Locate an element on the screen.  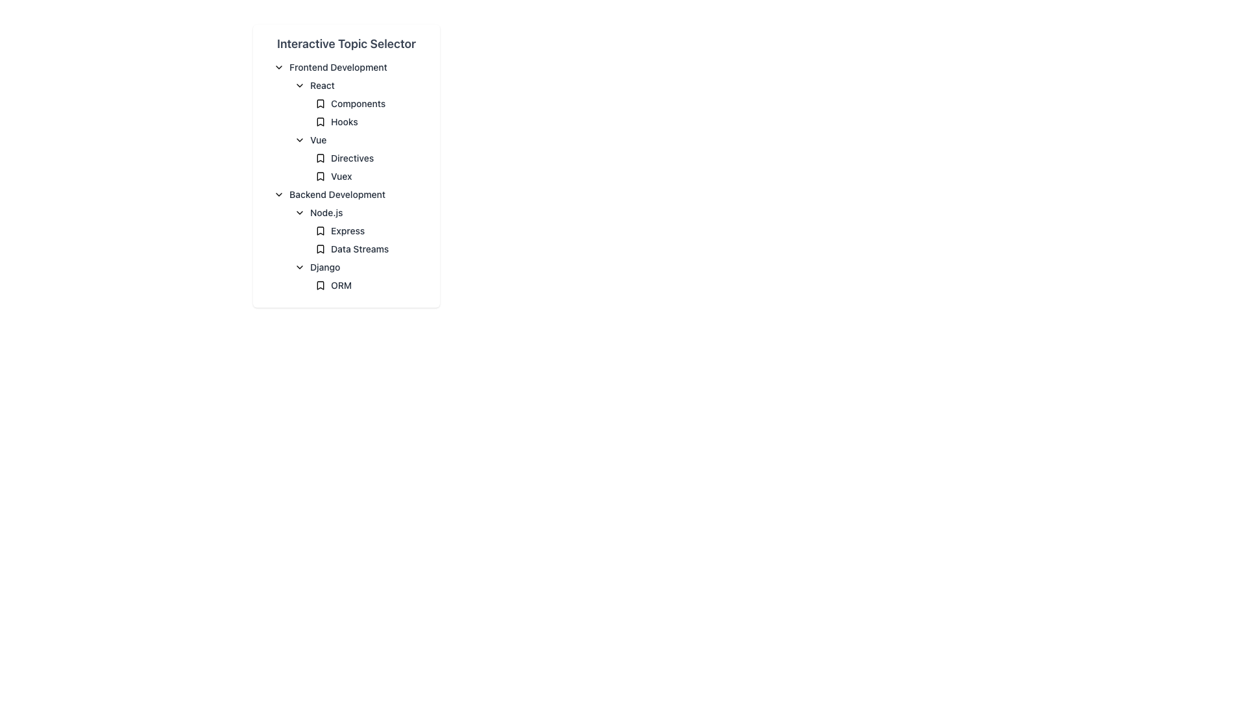
the 'Data Streams' list item with icon within the 'Node.js' subsection of the 'Backend Development' category is located at coordinates (357, 249).